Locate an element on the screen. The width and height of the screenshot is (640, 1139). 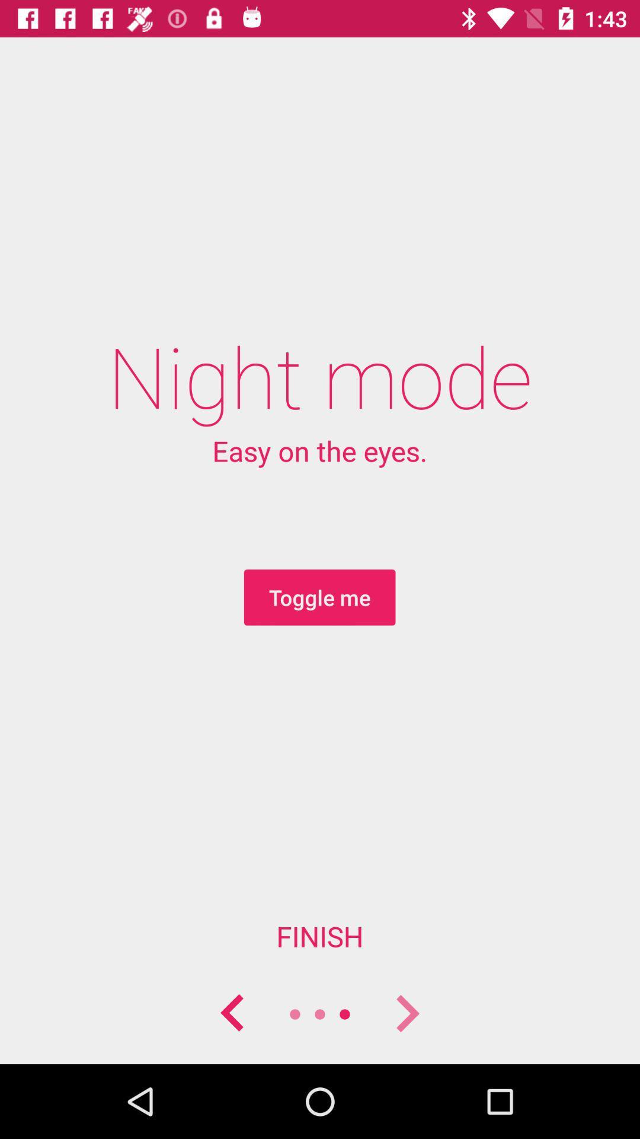
go back is located at coordinates (233, 1013).